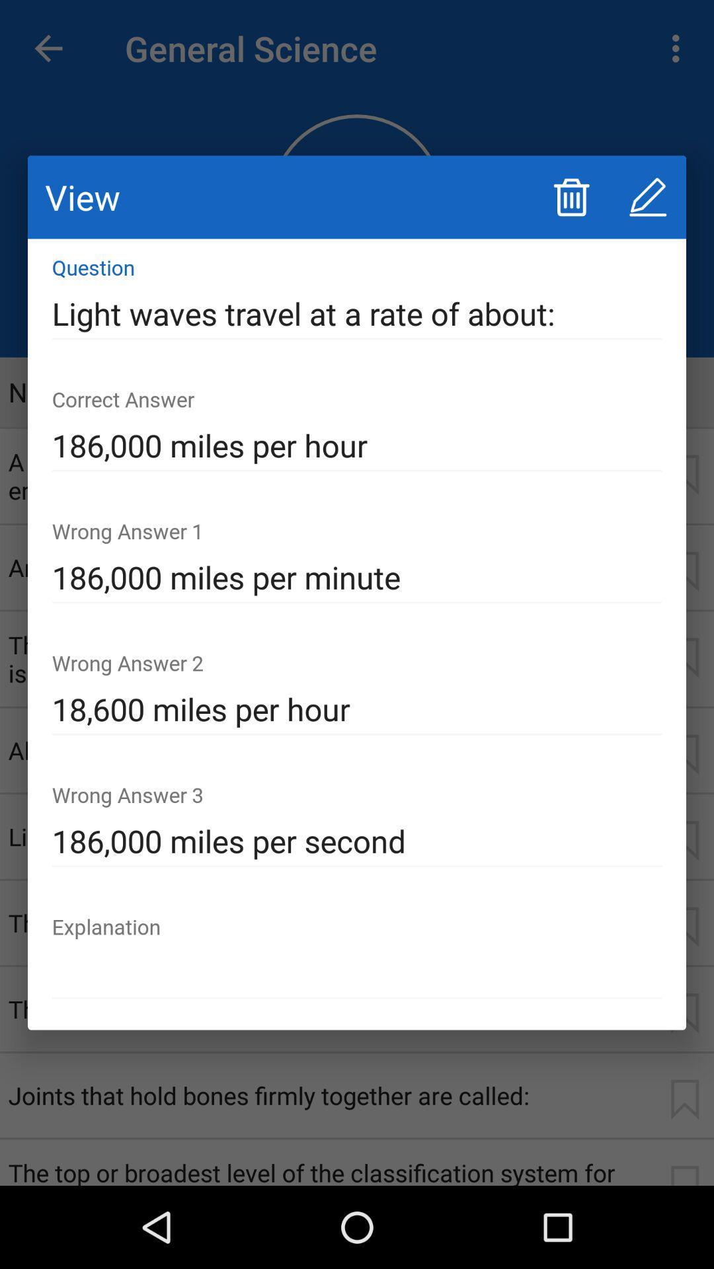  What do you see at coordinates (357, 709) in the screenshot?
I see `the icon above 186 000 miles` at bounding box center [357, 709].